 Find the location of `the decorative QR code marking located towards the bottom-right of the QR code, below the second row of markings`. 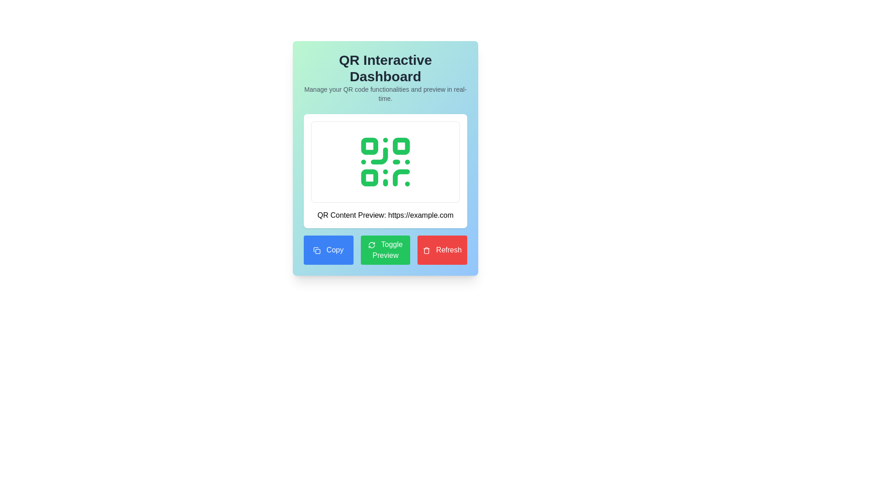

the decorative QR code marking located towards the bottom-right of the QR code, below the second row of markings is located at coordinates (401, 178).